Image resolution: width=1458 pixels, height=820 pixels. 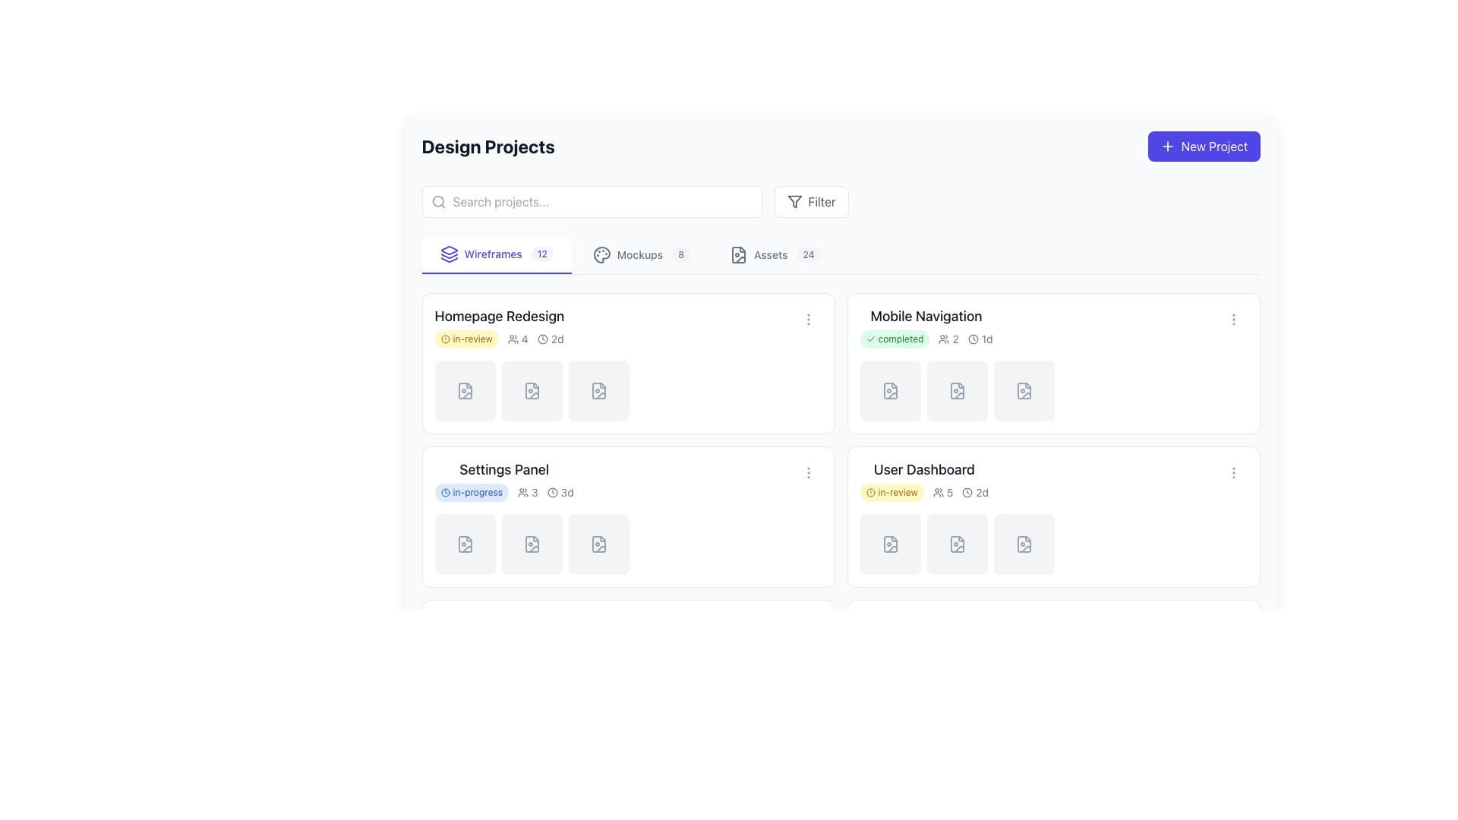 What do you see at coordinates (532, 544) in the screenshot?
I see `the visual card with an image icon located in the second item of the grid under the 'Settings Panel' section of the 'Design Projects' interface` at bounding box center [532, 544].